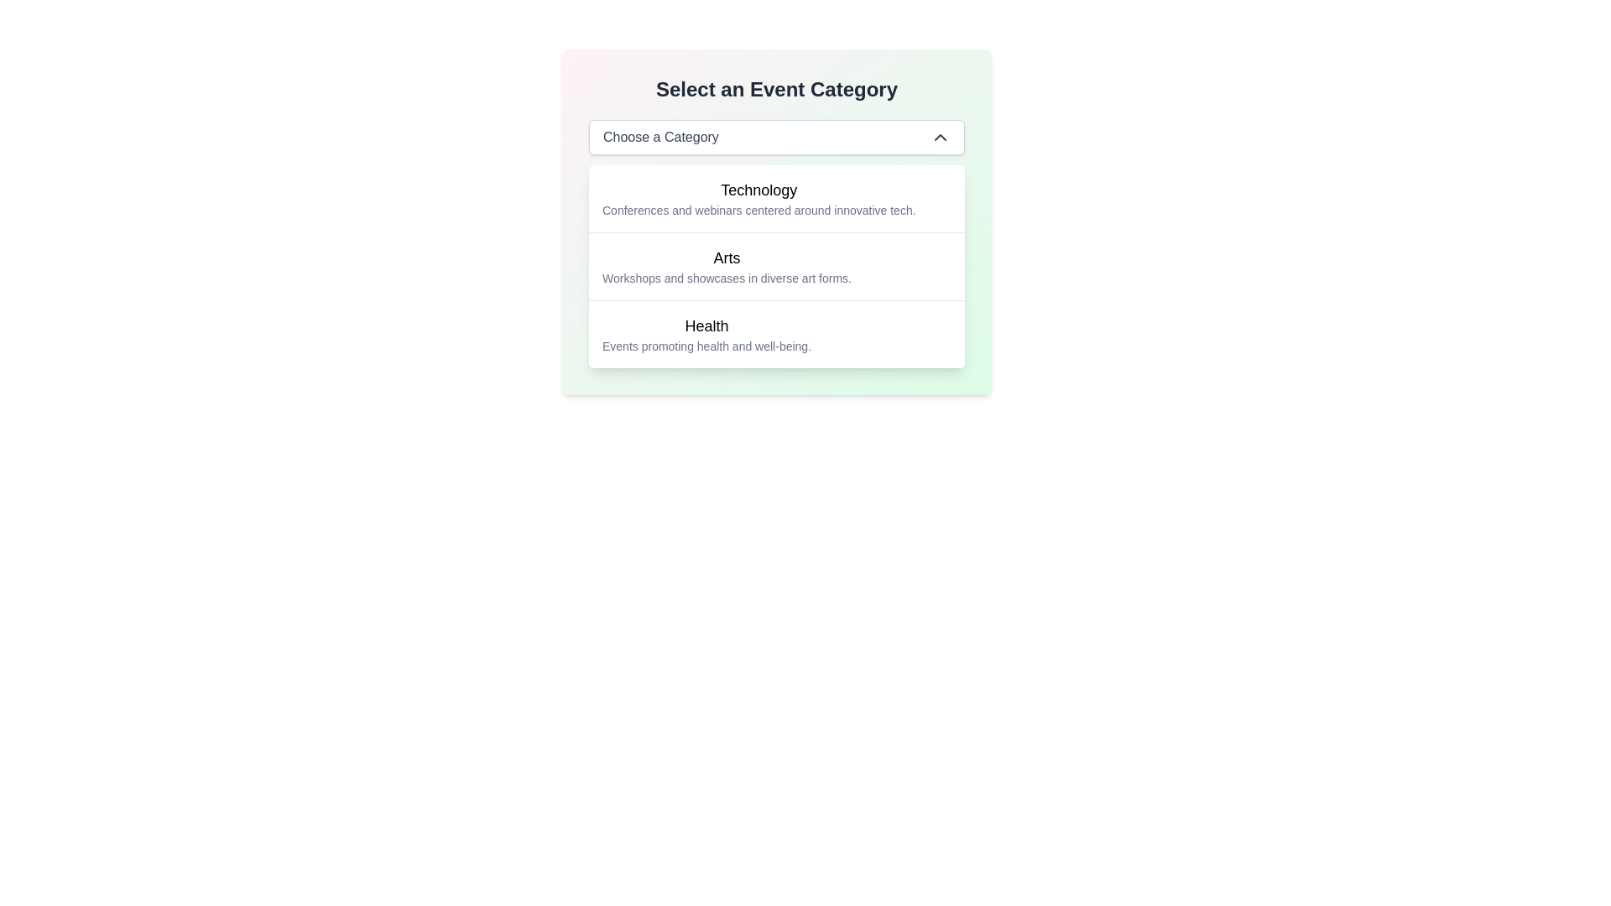 The width and height of the screenshot is (1611, 906). I want to click on the 'Health' category label in the event selection interface, which is centrally located above the description text about health events, so click(706, 326).